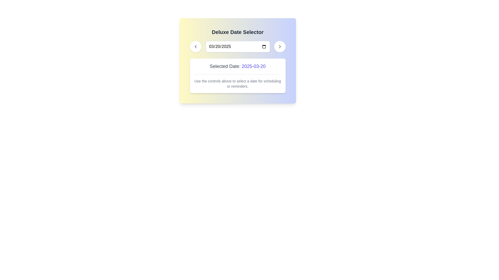 The image size is (499, 280). Describe the element at coordinates (237, 81) in the screenshot. I see `the informational text element that describes the purpose of the controls for scheduling or reminder selection, located below 'Selected Date: 2025-03-20.'` at that location.